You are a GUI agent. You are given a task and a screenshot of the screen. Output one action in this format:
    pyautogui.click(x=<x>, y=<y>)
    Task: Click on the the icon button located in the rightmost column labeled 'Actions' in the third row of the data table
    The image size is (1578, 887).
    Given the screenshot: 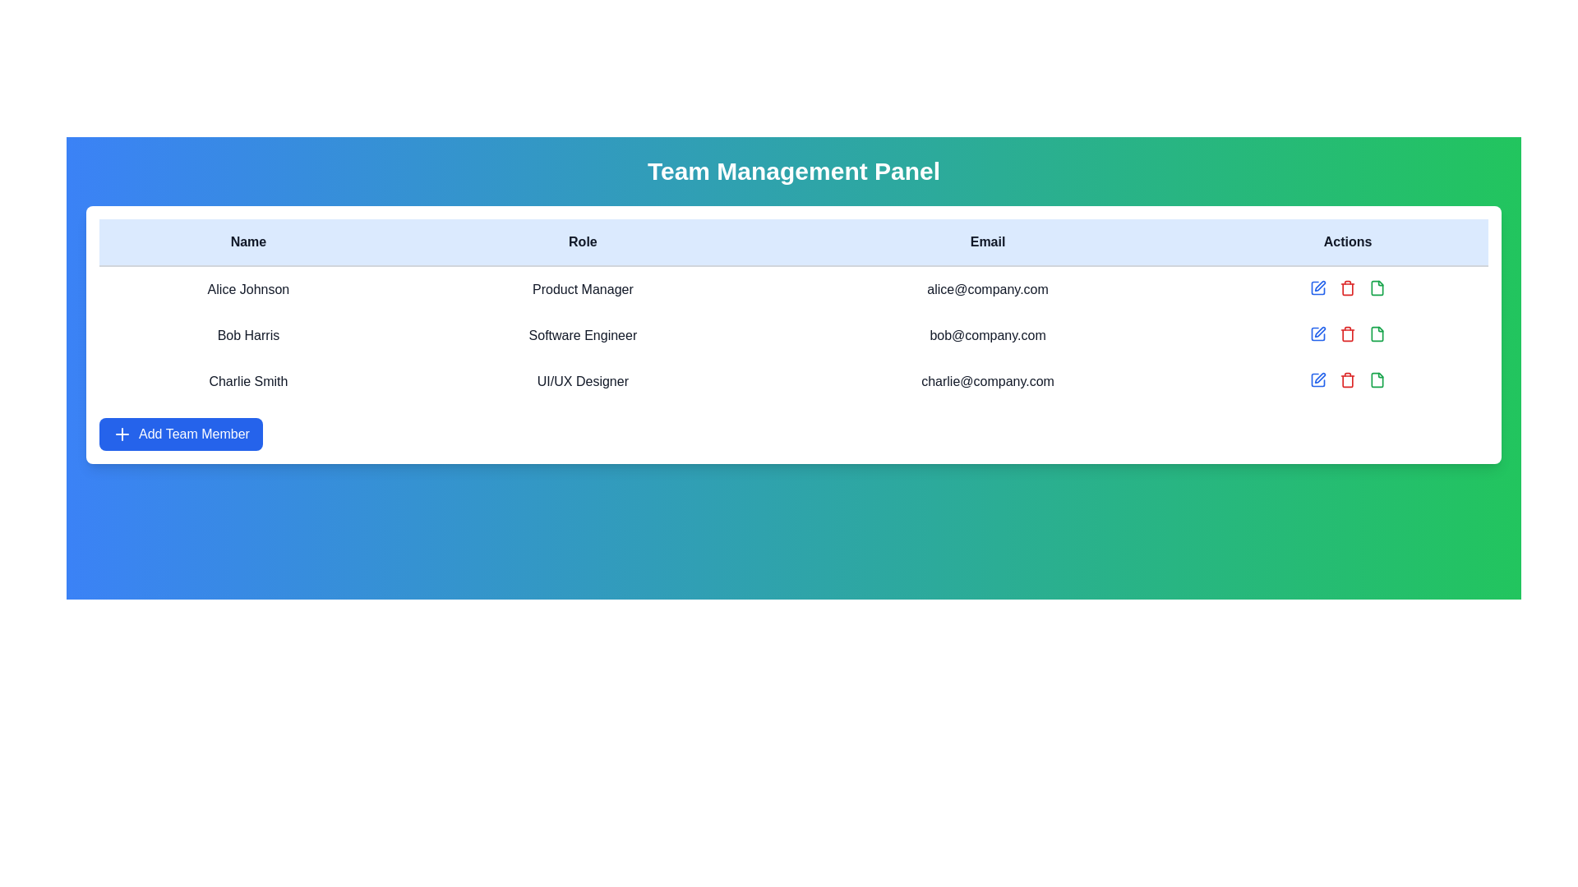 What is the action you would take?
    pyautogui.click(x=1377, y=287)
    